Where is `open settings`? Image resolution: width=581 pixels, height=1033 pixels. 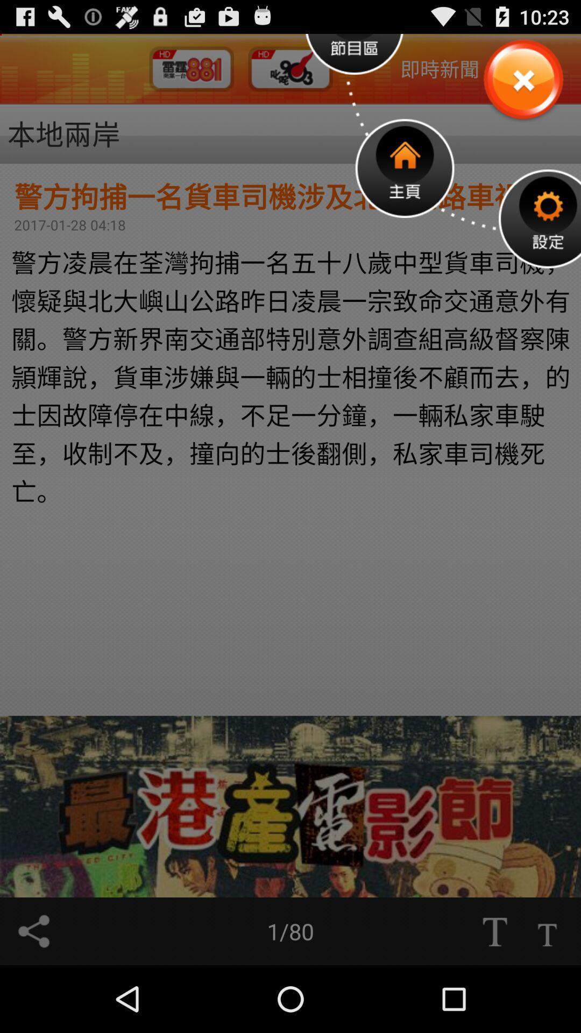
open settings is located at coordinates (540, 218).